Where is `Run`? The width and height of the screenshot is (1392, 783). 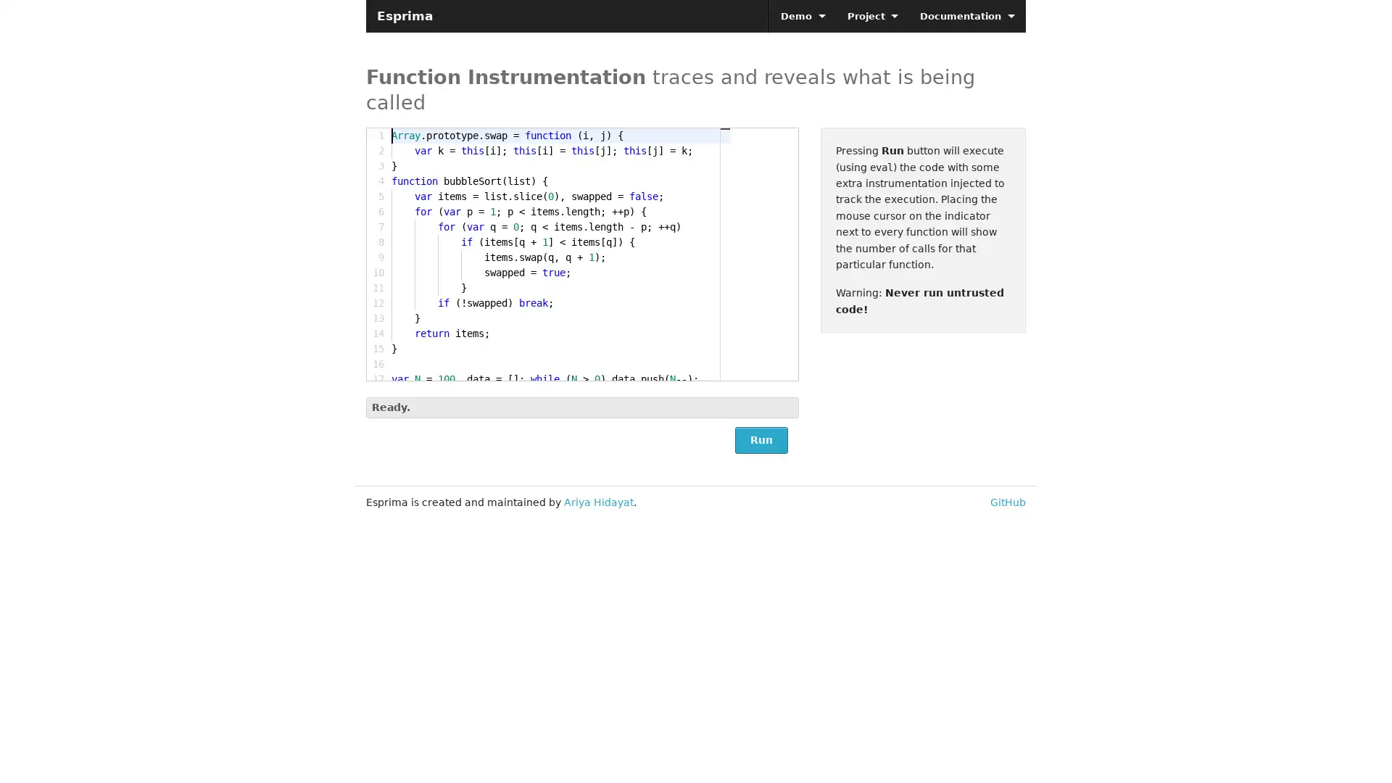 Run is located at coordinates (760, 439).